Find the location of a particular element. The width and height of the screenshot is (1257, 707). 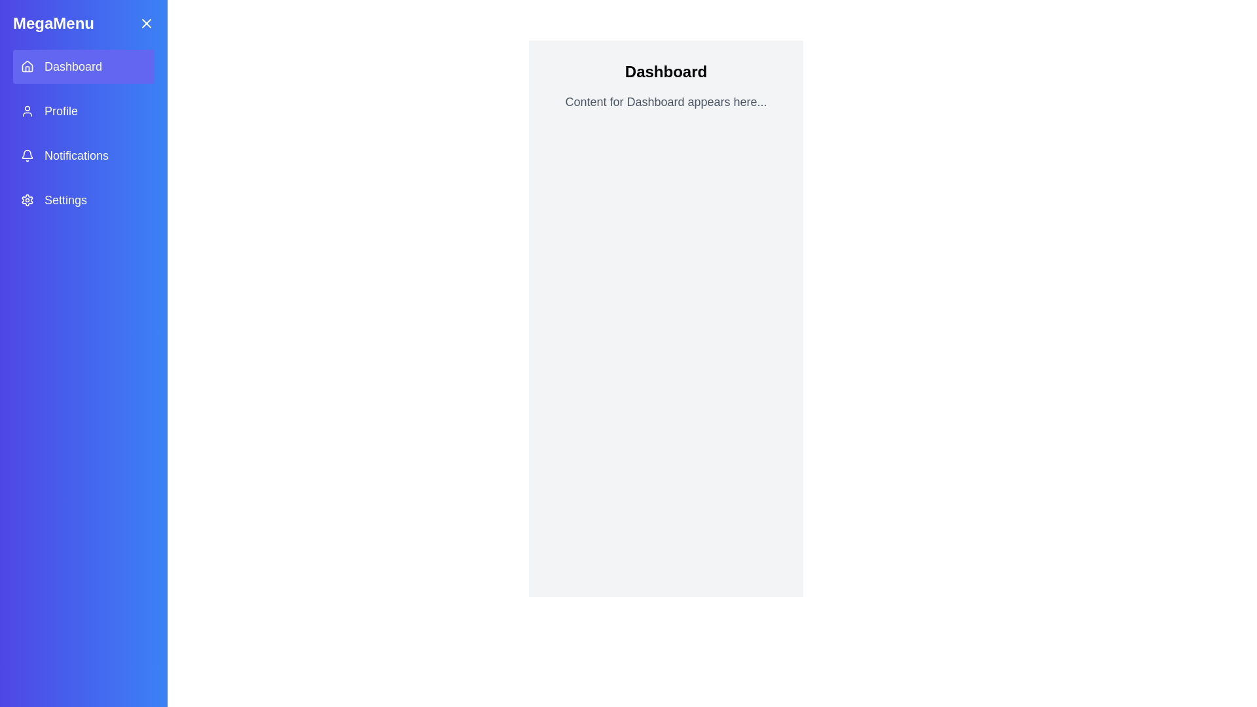

the bell icon located to the left of the 'Notifications' menu item is located at coordinates (27, 155).